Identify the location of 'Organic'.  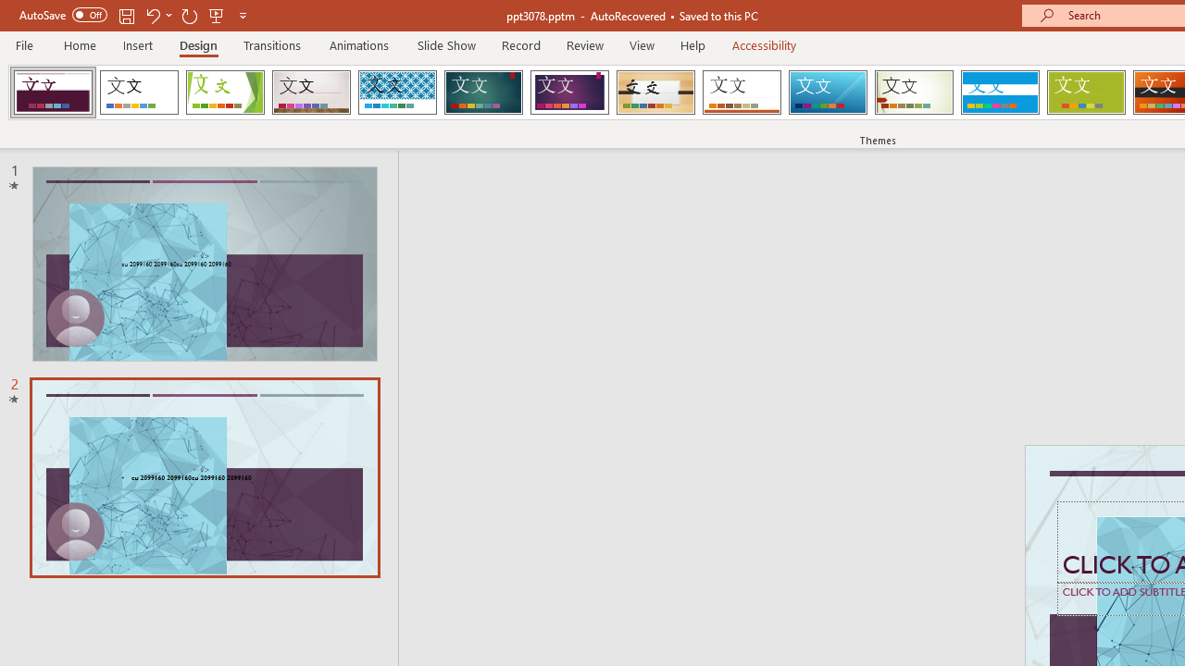
(655, 92).